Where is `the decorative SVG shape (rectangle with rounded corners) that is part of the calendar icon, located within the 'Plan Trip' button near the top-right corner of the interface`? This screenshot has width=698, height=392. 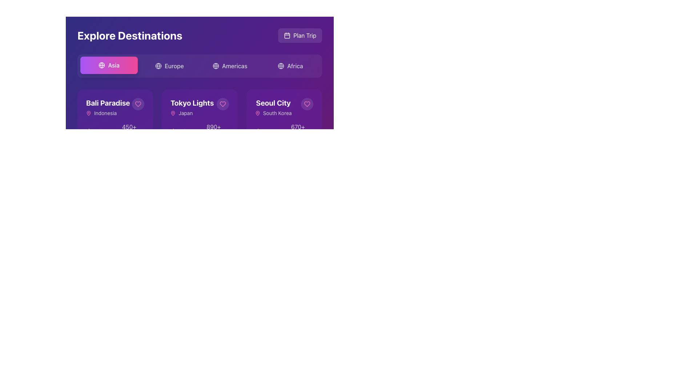 the decorative SVG shape (rectangle with rounded corners) that is part of the calendar icon, located within the 'Plan Trip' button near the top-right corner of the interface is located at coordinates (287, 36).